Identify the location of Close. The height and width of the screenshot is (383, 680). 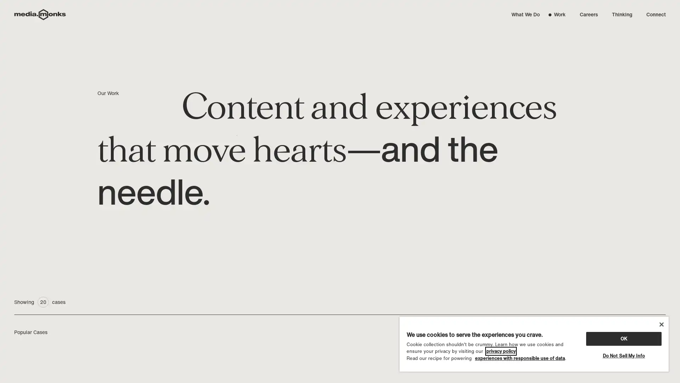
(661, 324).